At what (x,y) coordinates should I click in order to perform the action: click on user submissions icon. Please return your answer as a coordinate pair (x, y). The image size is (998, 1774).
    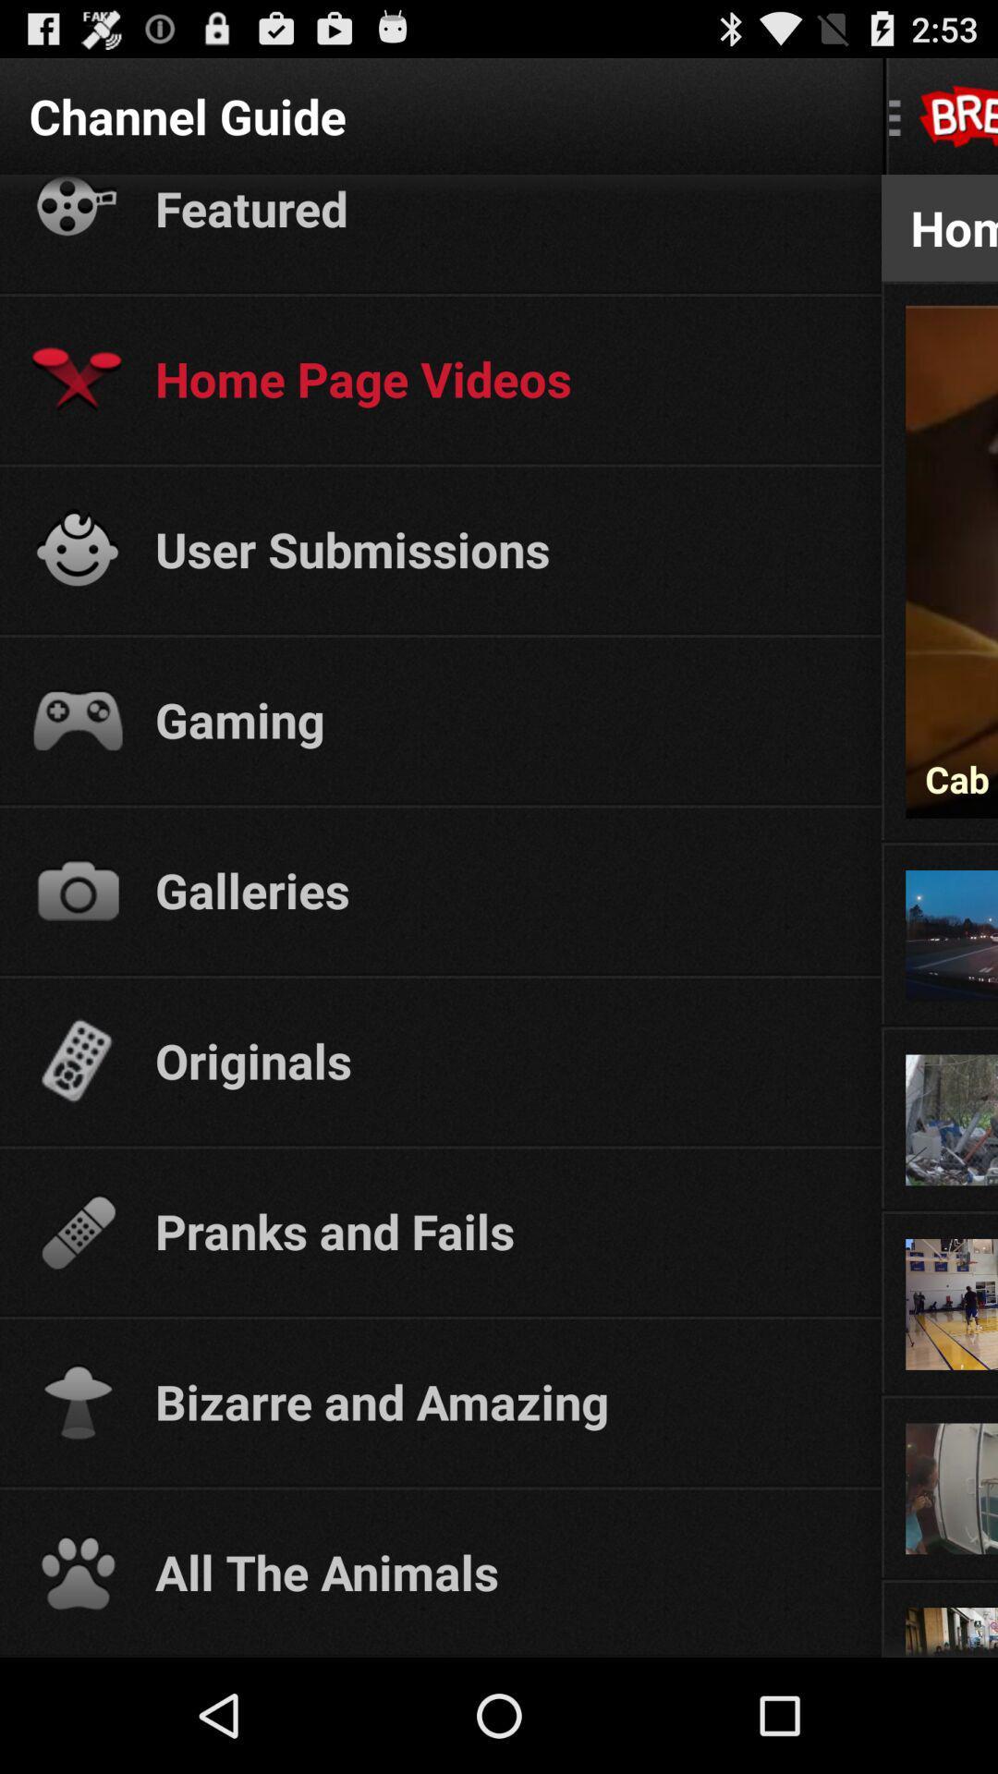
    Looking at the image, I should click on (501, 548).